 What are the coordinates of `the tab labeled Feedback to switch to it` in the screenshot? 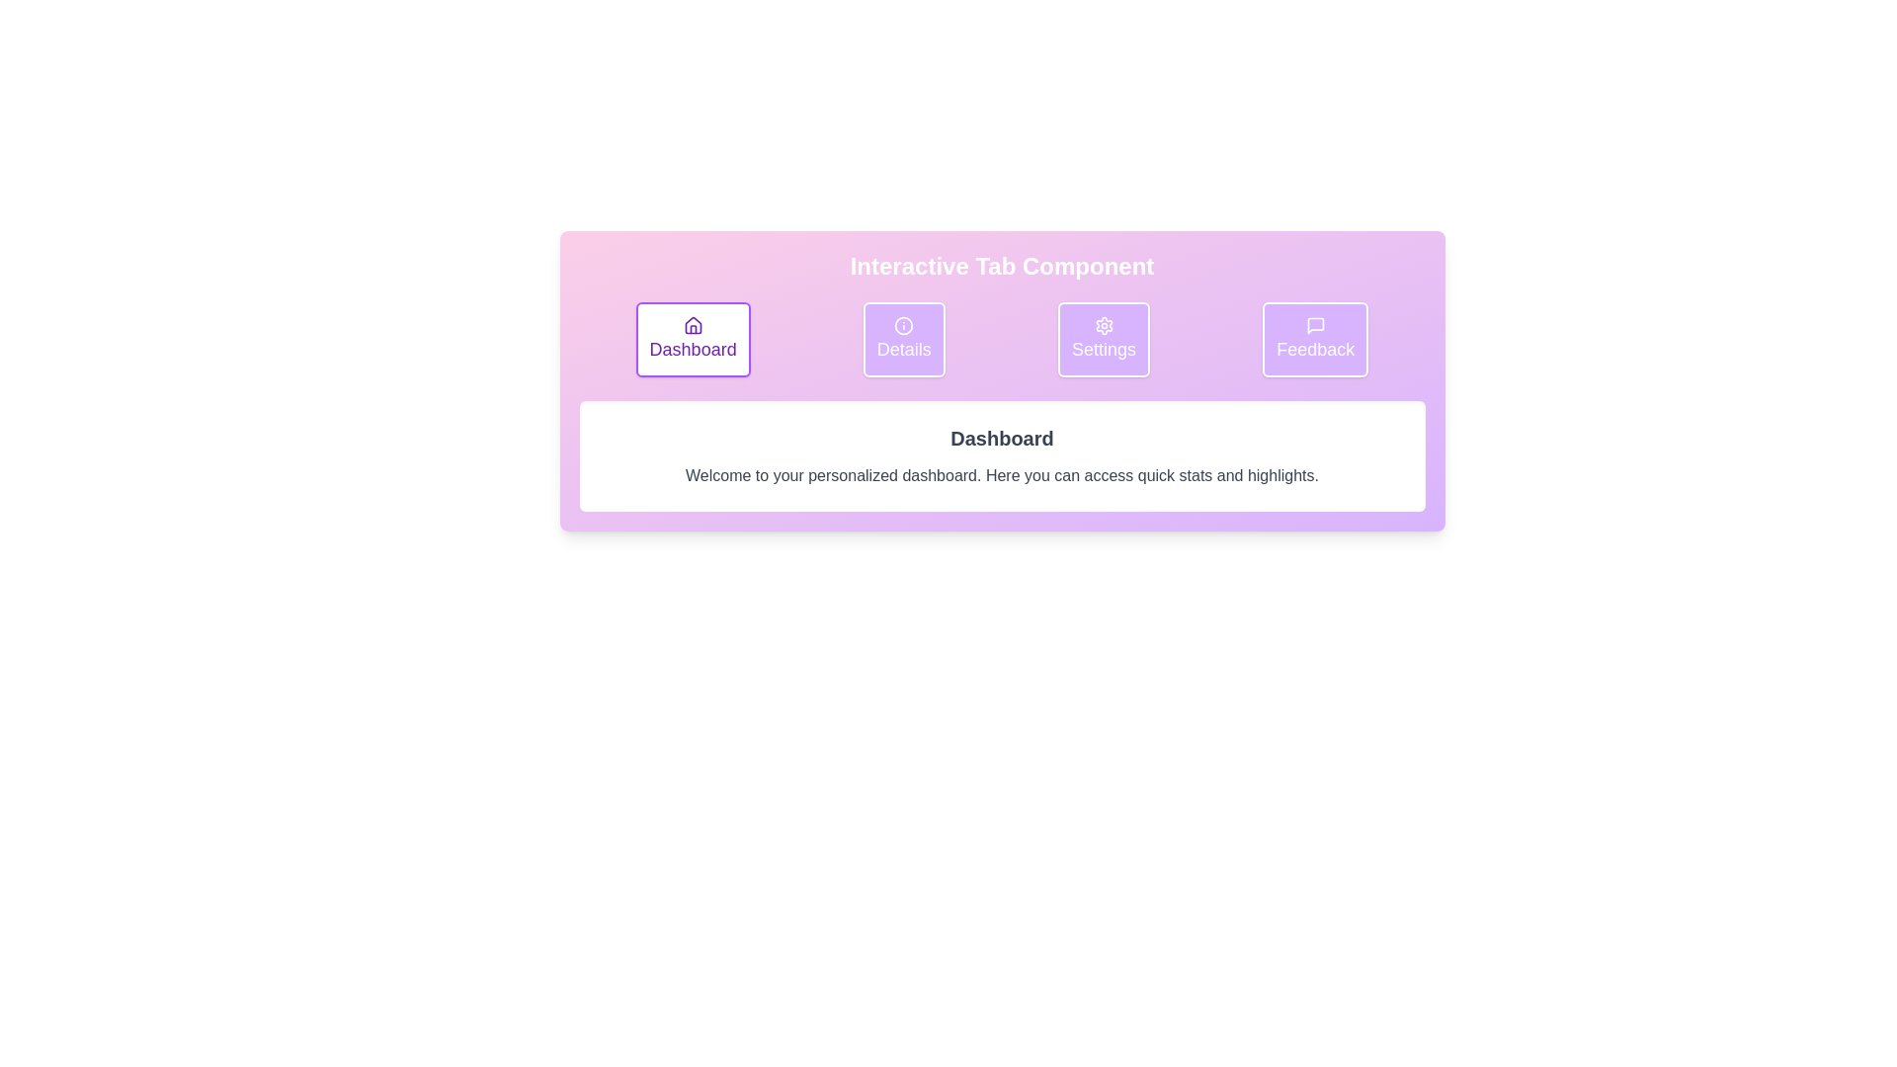 It's located at (1315, 338).